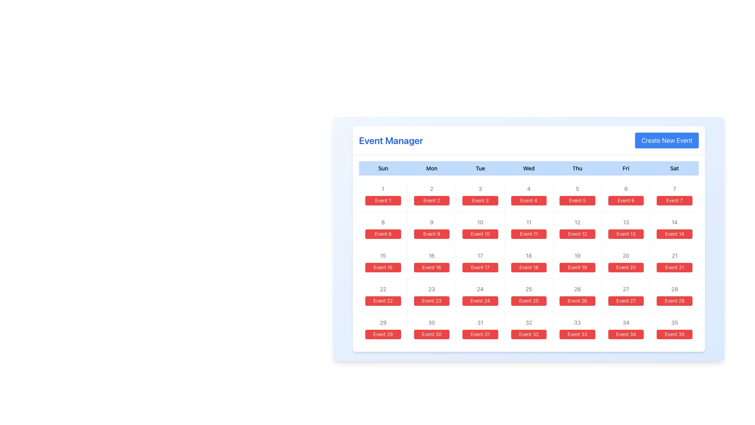 The height and width of the screenshot is (425, 755). Describe the element at coordinates (577, 289) in the screenshot. I see `the gray text label displaying the number '26' located in the 'Event 26' calendar cell under the Thursday column` at that location.